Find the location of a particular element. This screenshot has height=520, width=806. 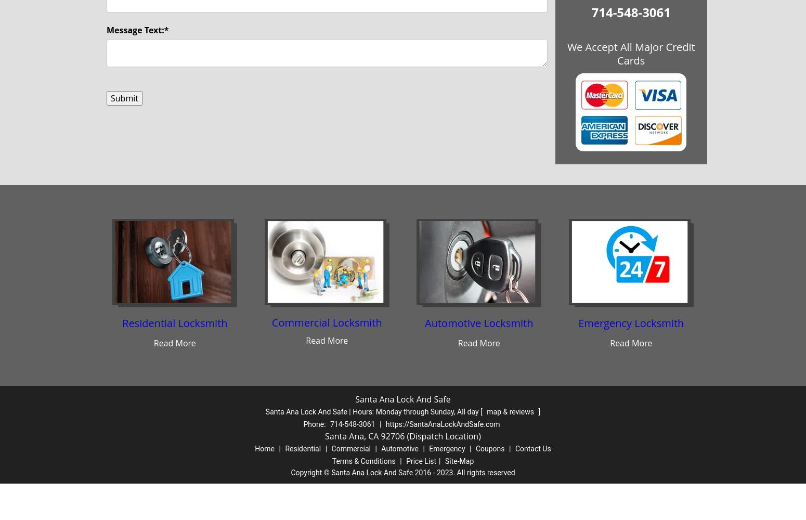

'Residential Locksmith' is located at coordinates (122, 322).